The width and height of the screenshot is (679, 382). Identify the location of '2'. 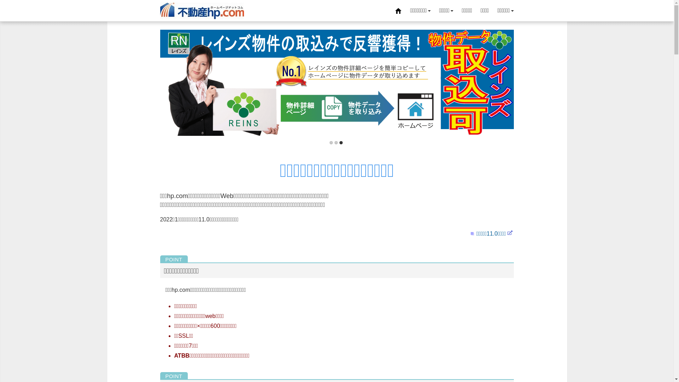
(336, 143).